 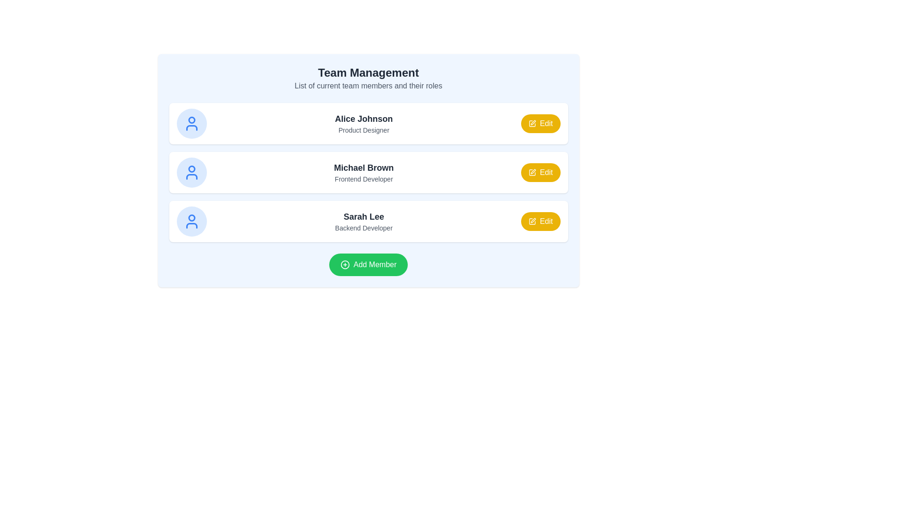 What do you see at coordinates (546, 172) in the screenshot?
I see `the text label 'Edit' within the button component styled with white text on a yellow background, located in the row for 'Michael Brown'` at bounding box center [546, 172].